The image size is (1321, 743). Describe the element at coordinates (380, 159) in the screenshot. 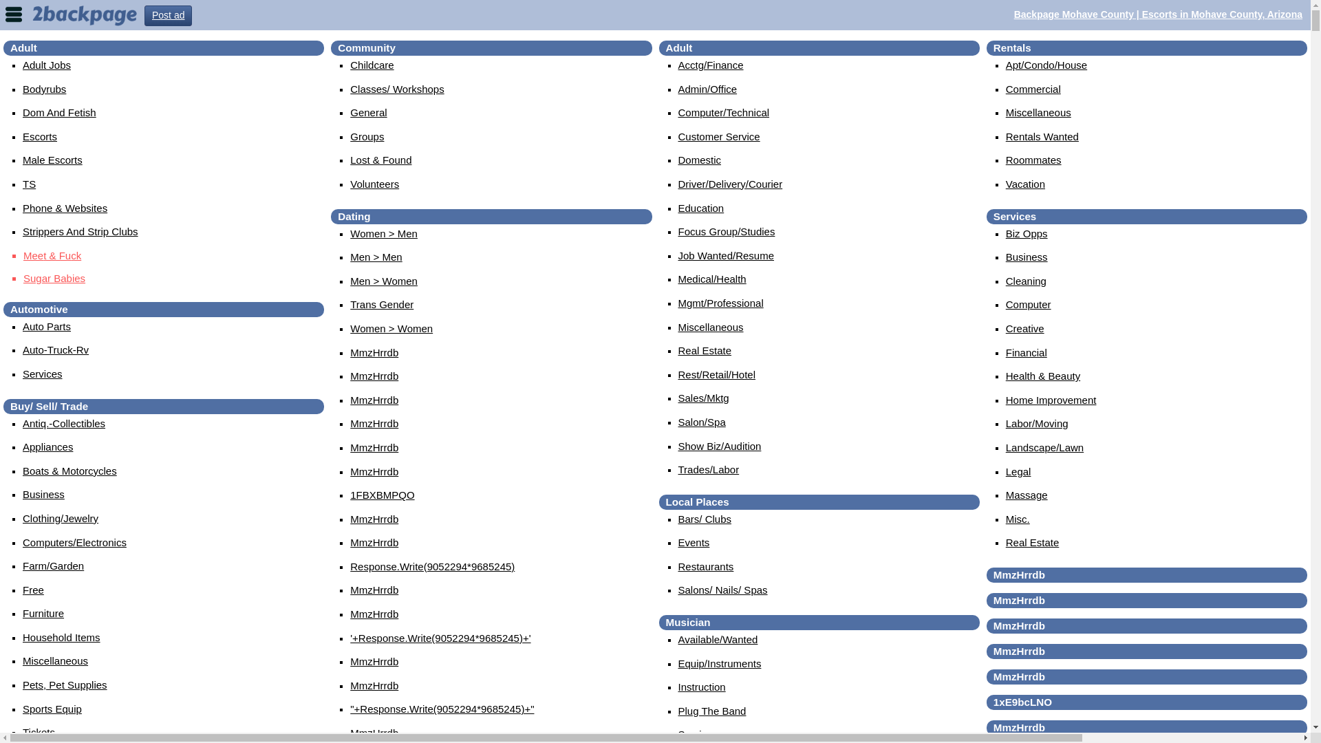

I see `'Lost & Found'` at that location.